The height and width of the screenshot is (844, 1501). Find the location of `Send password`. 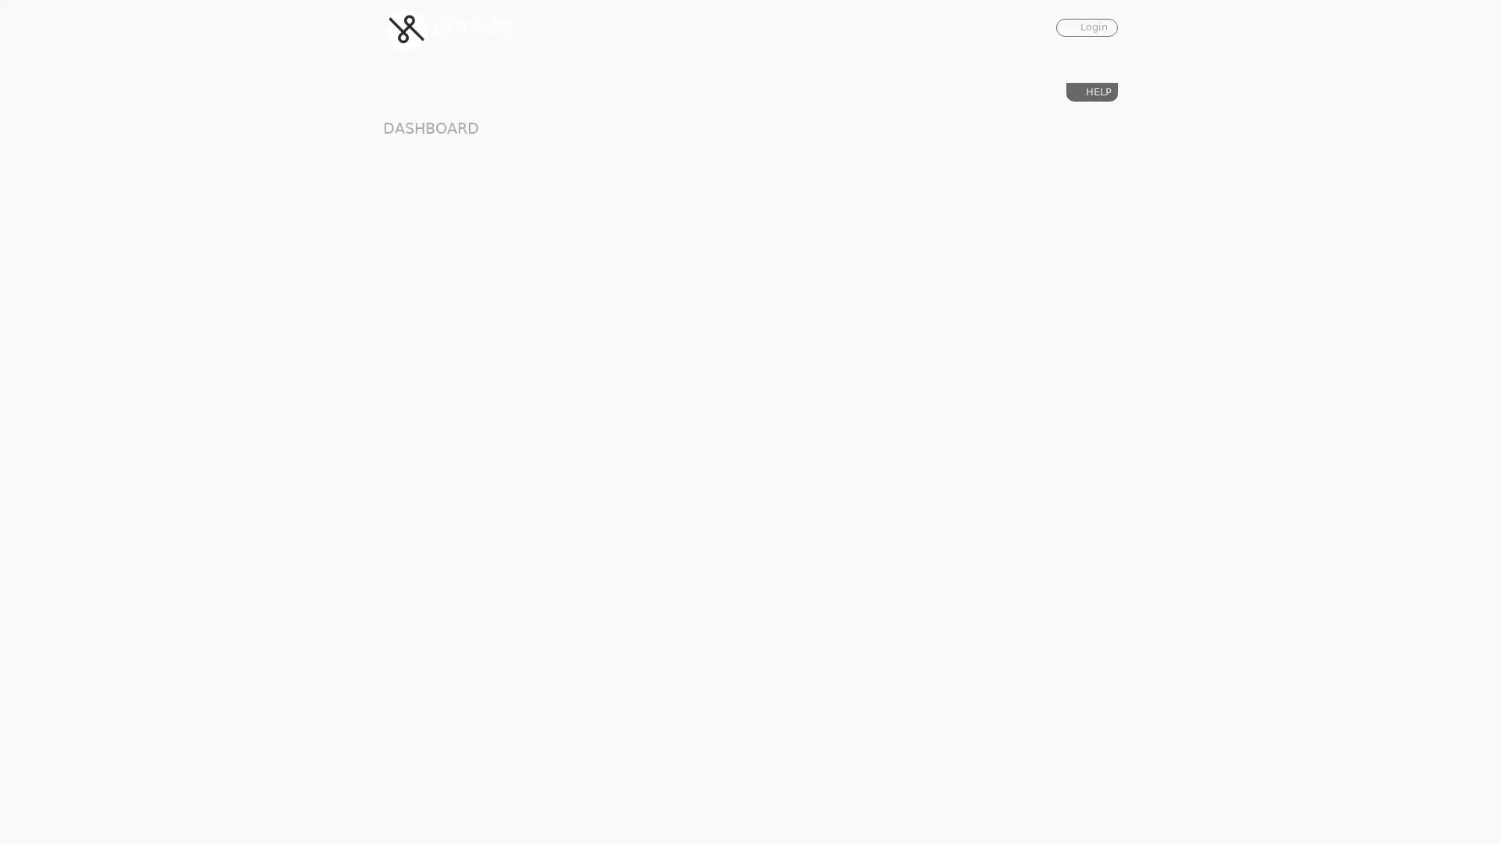

Send password is located at coordinates (816, 423).